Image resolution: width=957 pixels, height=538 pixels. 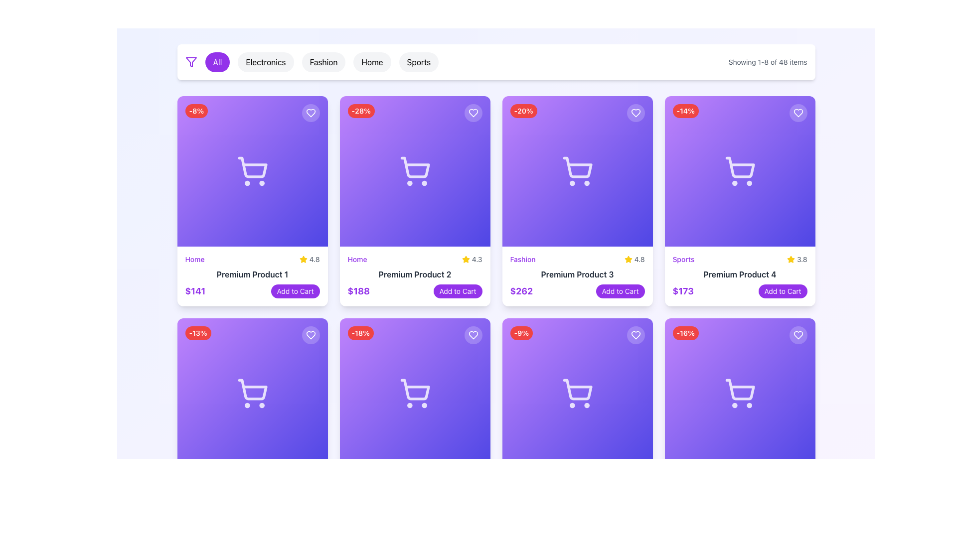 I want to click on the heart button located at the top-right corner of the card representing 'Premium Product 4', so click(x=798, y=113).